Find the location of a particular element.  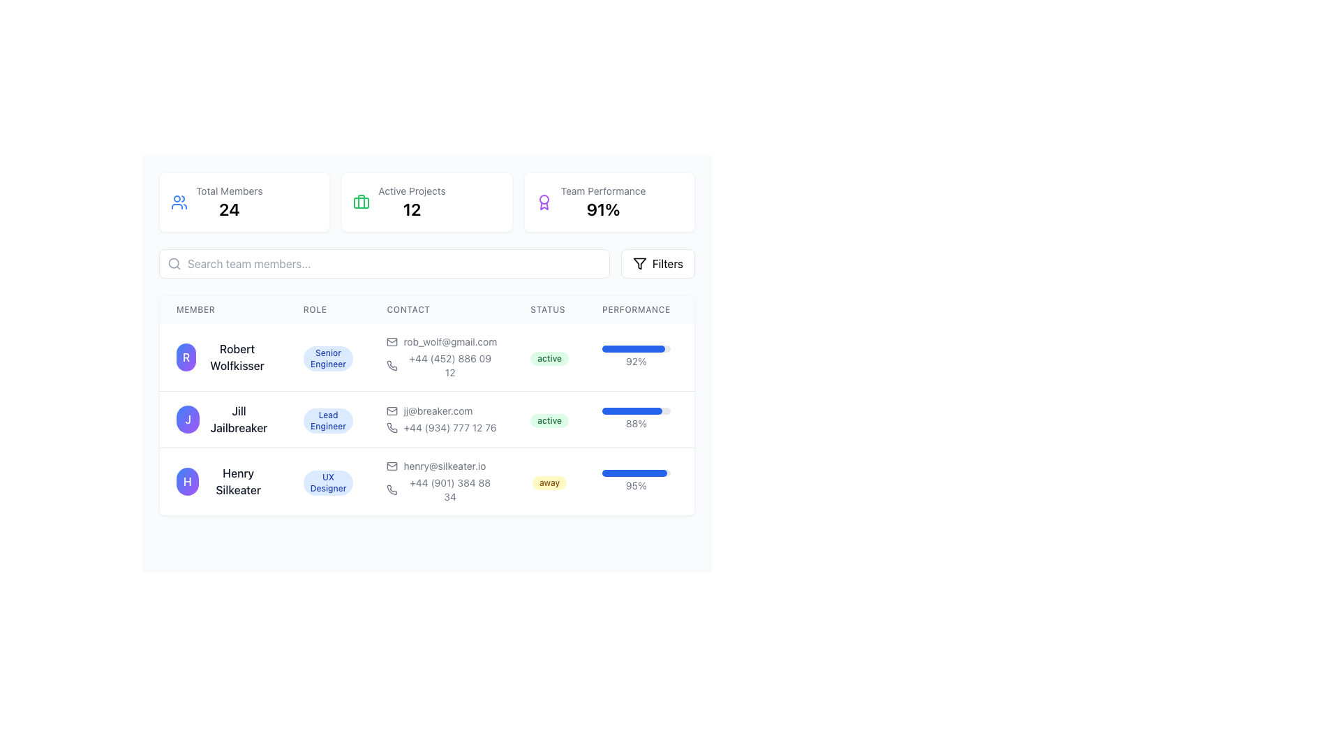

the second row of the team member List Item is located at coordinates (460, 419).